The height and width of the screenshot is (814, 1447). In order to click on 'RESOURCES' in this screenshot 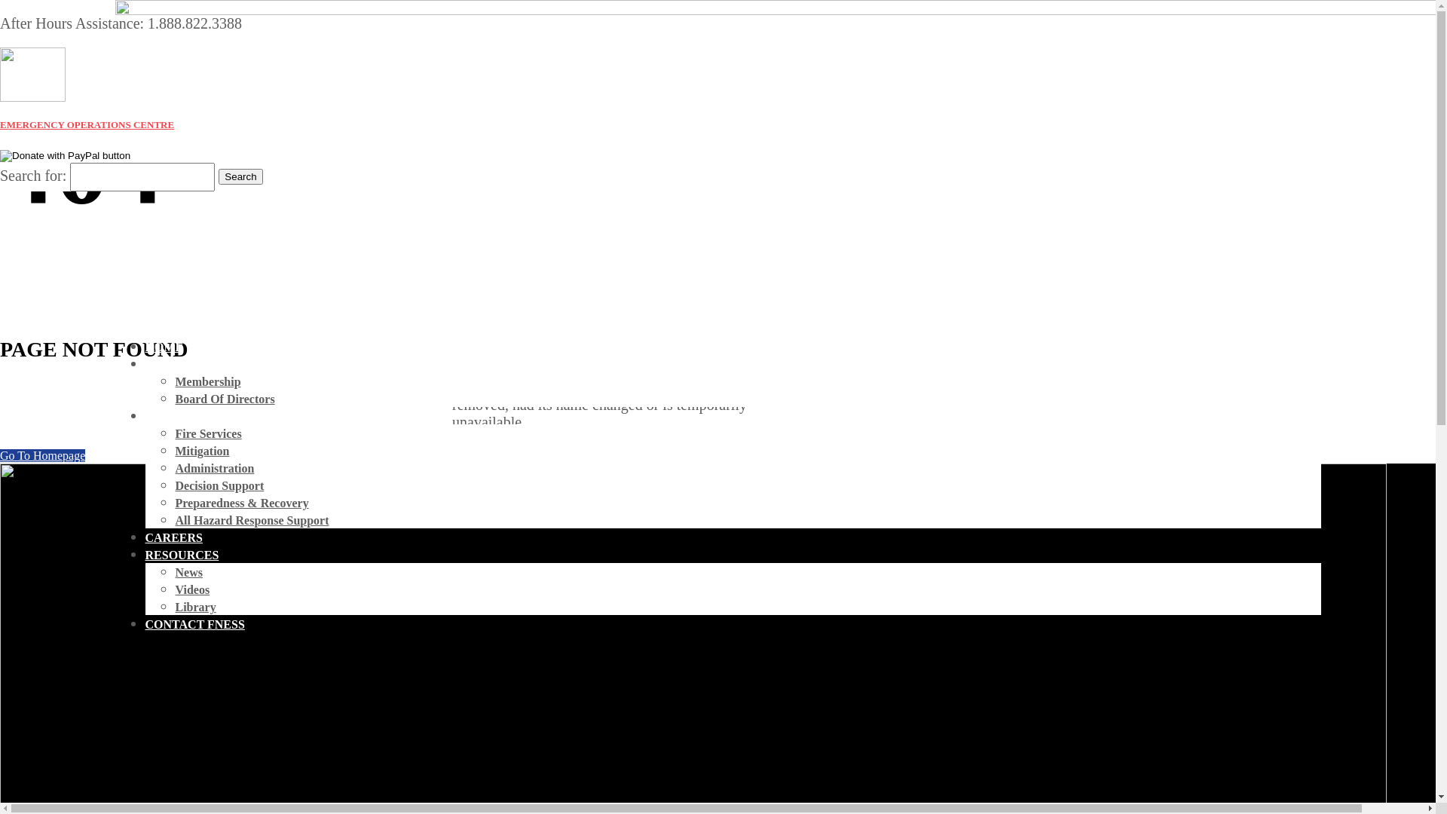, I will do `click(181, 555)`.